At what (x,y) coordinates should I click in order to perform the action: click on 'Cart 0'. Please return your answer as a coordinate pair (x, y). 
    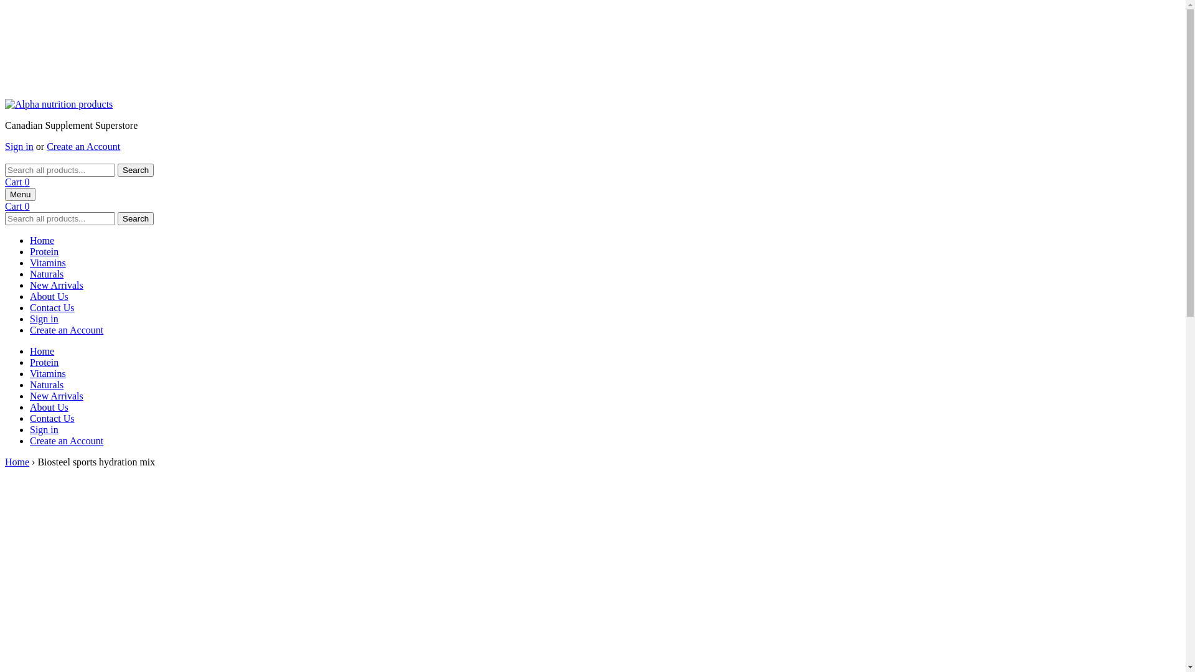
    Looking at the image, I should click on (5, 205).